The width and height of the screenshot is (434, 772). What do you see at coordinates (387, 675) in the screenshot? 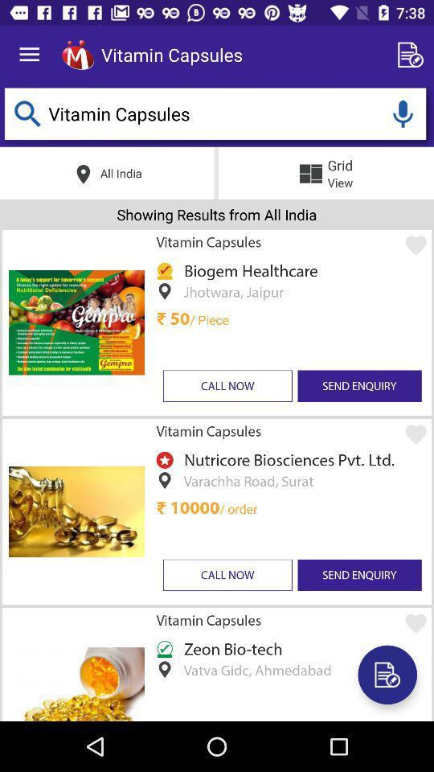
I see `print page` at bounding box center [387, 675].